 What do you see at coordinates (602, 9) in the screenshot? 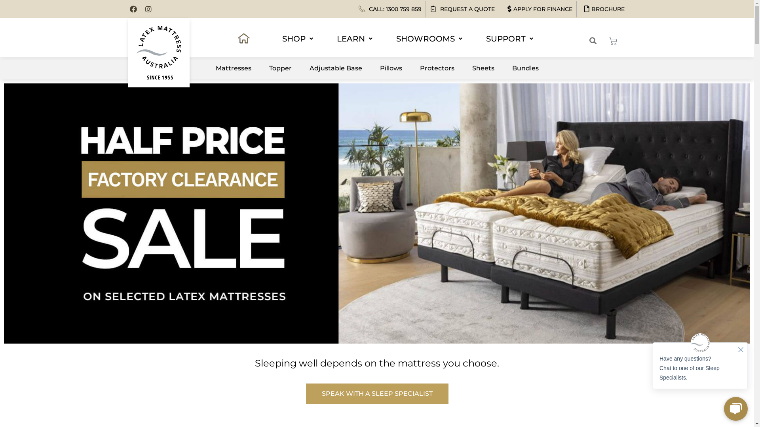
I see `'BROCHURE'` at bounding box center [602, 9].